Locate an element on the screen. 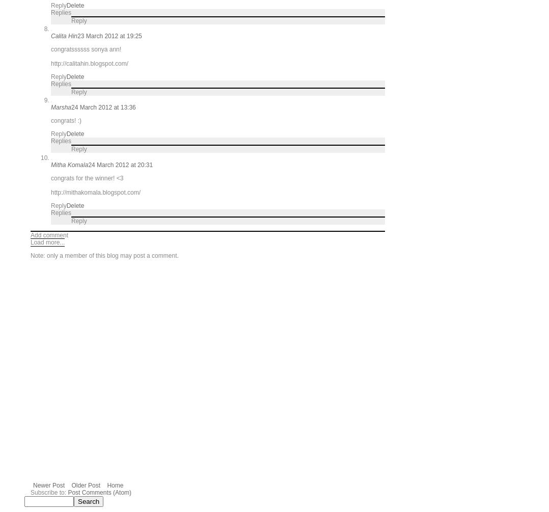 This screenshot has height=512, width=549. 'http://mithakomala.blogspot.com/' is located at coordinates (95, 192).